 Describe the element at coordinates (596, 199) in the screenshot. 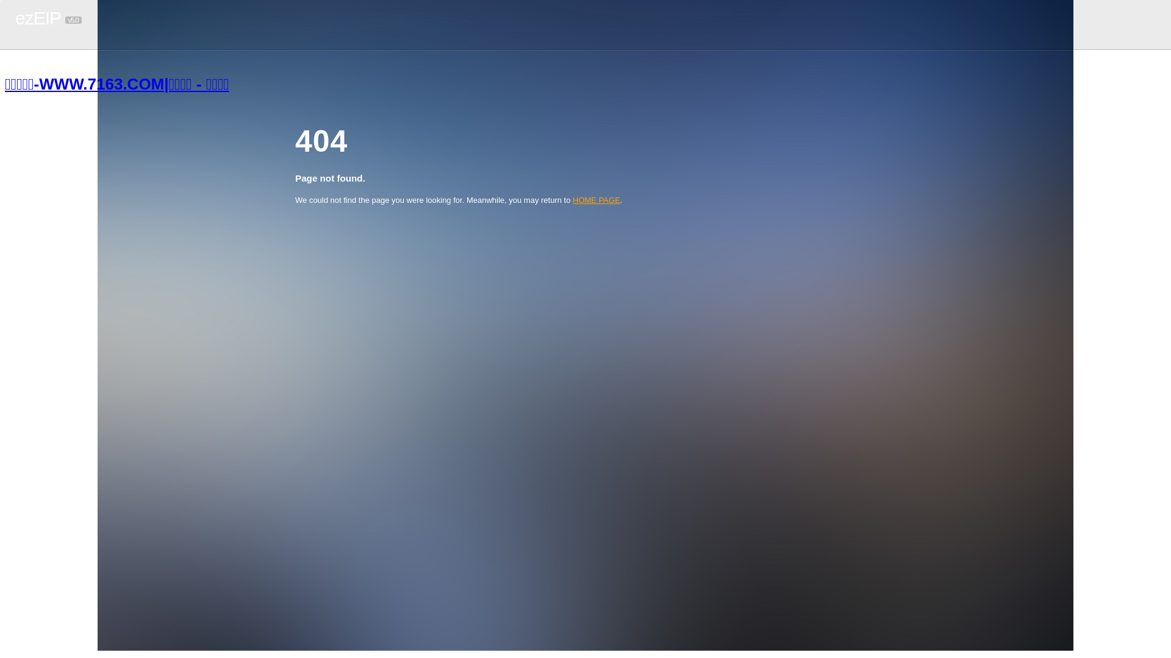

I see `'HOME PAGE'` at that location.